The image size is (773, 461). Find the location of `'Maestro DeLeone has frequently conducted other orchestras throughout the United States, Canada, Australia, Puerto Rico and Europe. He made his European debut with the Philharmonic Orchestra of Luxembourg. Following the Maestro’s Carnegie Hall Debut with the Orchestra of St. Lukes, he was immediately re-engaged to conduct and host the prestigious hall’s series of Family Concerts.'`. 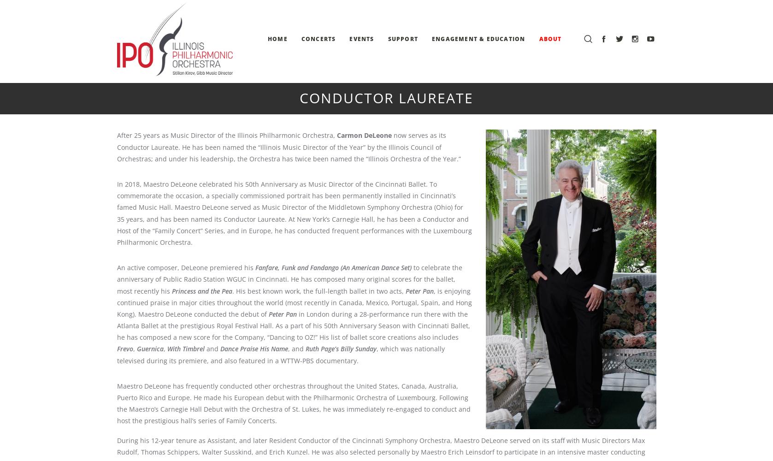

'Maestro DeLeone has frequently conducted other orchestras throughout the United States, Canada, Australia, Puerto Rico and Europe. He made his European debut with the Philharmonic Orchestra of Luxembourg. Following the Maestro’s Carnegie Hall Debut with the Orchestra of St. Lukes, he was immediately re-engaged to conduct and host the prestigious hall’s series of Family Concerts.' is located at coordinates (293, 402).